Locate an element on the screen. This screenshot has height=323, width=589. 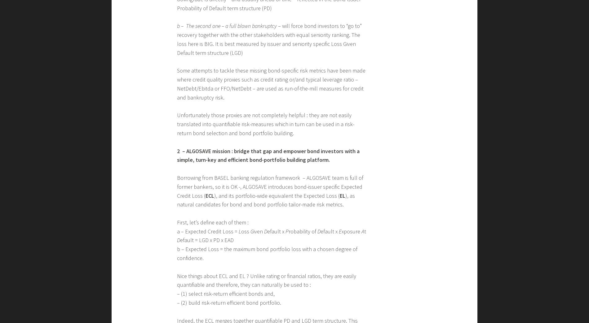
'), as natural candidates for bond and bond portfolio tailor-made risk metrics.' is located at coordinates (266, 200).